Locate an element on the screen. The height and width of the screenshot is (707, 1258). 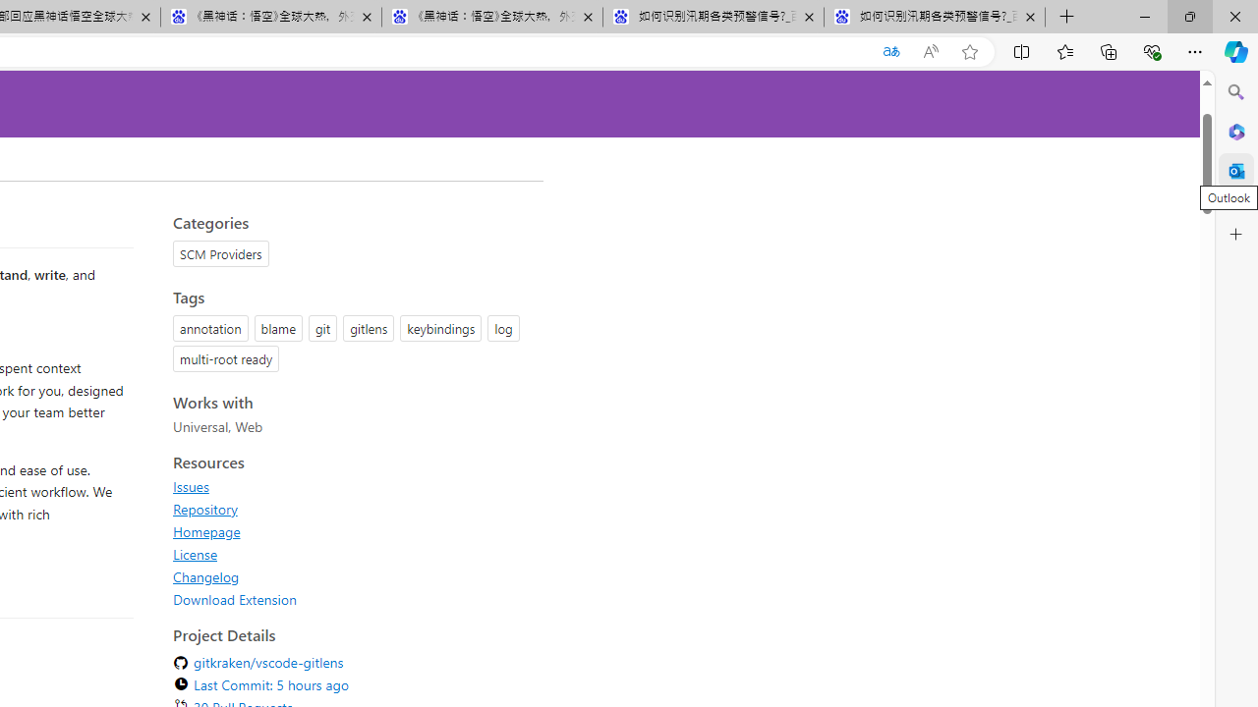
'Repository' is located at coordinates (205, 508).